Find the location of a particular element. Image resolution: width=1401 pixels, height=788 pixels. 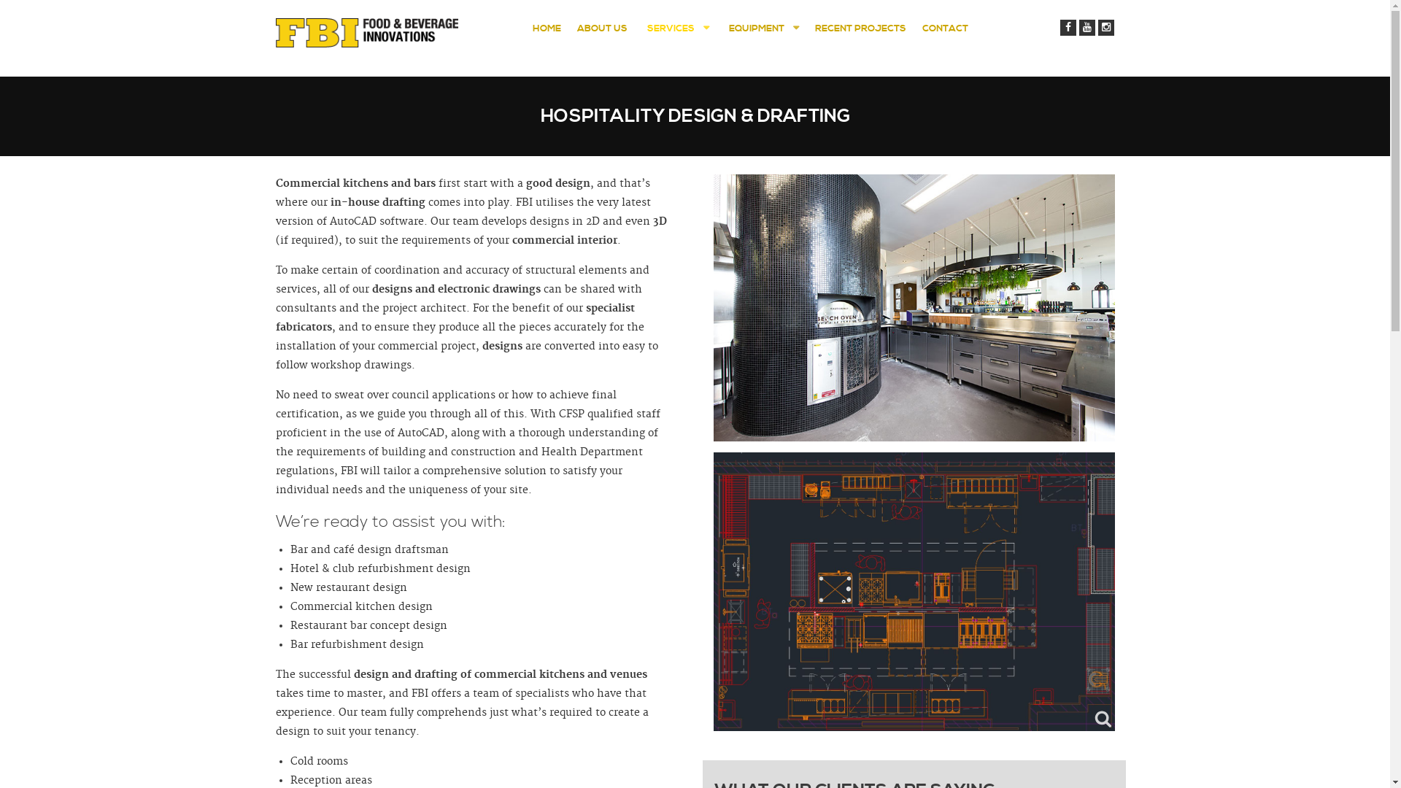

'HOME' is located at coordinates (546, 28).